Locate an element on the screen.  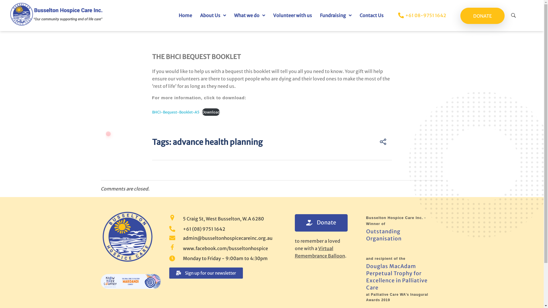
'Fundraising' is located at coordinates (316, 15).